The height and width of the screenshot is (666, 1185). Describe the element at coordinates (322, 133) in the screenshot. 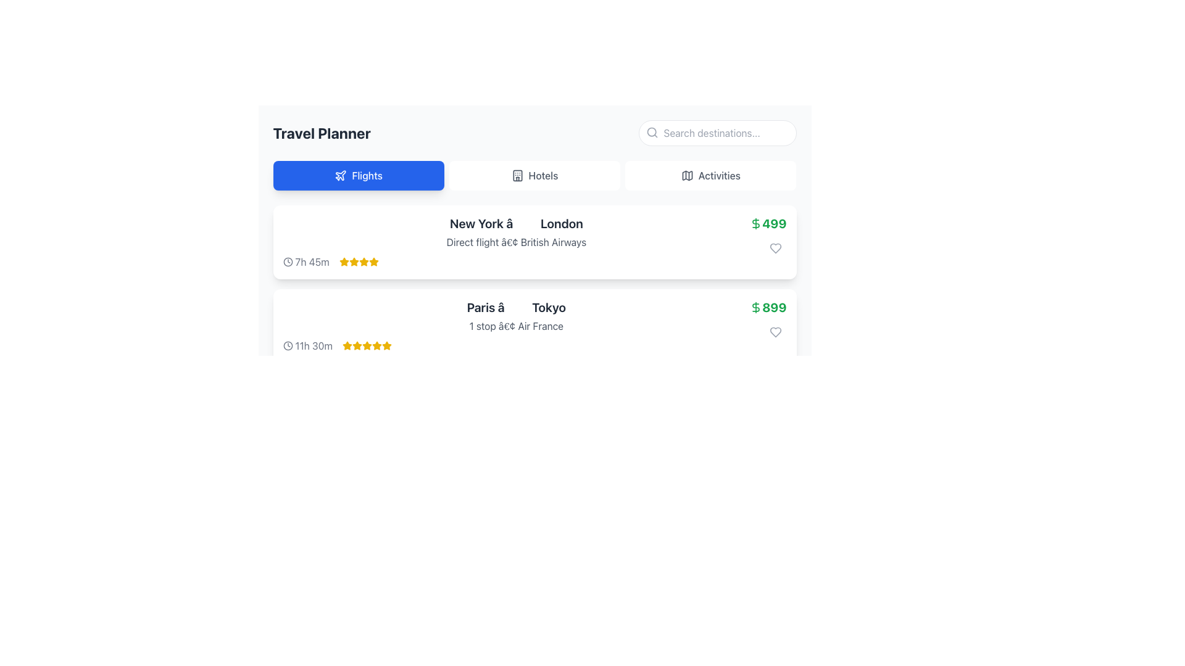

I see `the bold, large-sized text element reading 'Travel Planner' located at the top-left corner of the interface` at that location.